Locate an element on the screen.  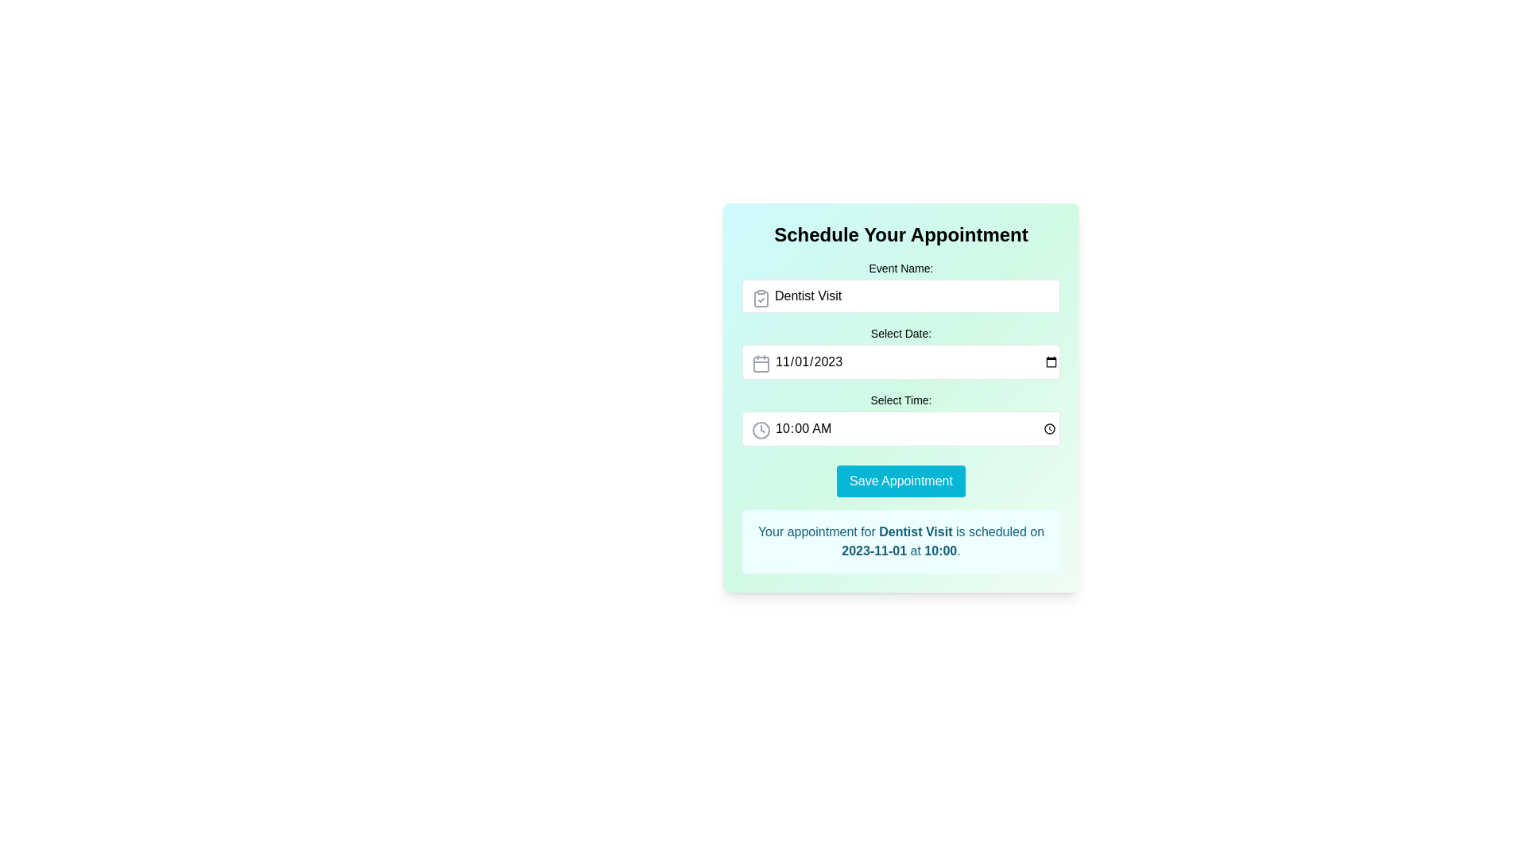
the clipboard icon with a check mark located inside the input field labeled 'Event Name', positioned at the left edge of the field is located at coordinates (761, 298).